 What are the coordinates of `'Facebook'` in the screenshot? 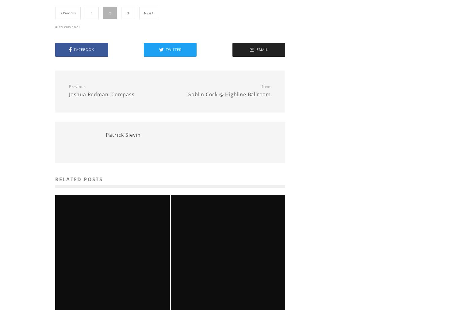 It's located at (84, 49).